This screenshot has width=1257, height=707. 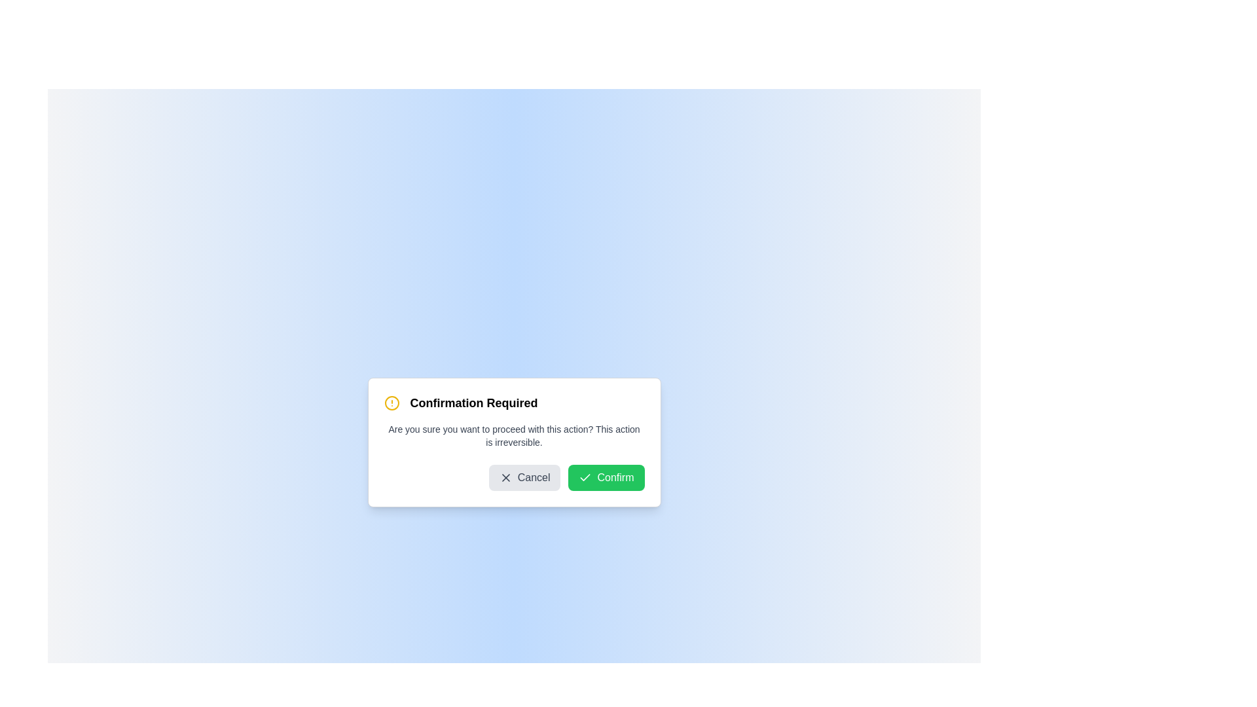 I want to click on message displayed in the static text block that asks if the user is sure they want to proceed with the action, indicating that it is irreversible, so click(x=513, y=436).